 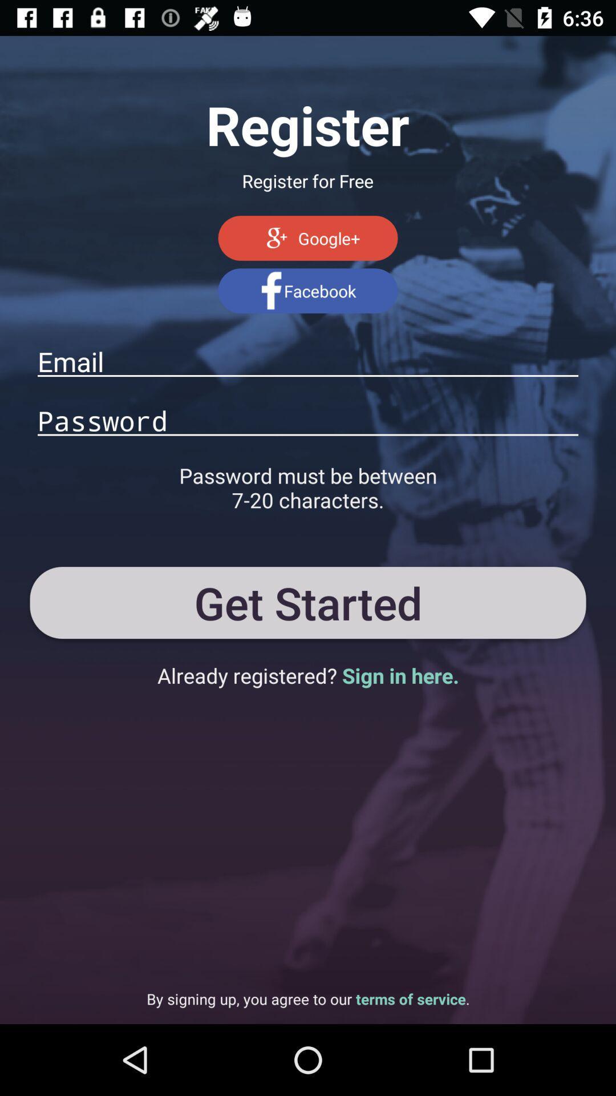 What do you see at coordinates (308, 998) in the screenshot?
I see `by signing up item` at bounding box center [308, 998].